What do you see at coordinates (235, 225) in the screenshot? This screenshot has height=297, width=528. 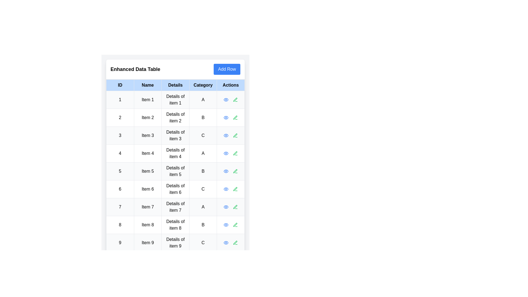 I see `the 'Edit' icon in the 'Actions' column for 'Item 8'` at bounding box center [235, 225].